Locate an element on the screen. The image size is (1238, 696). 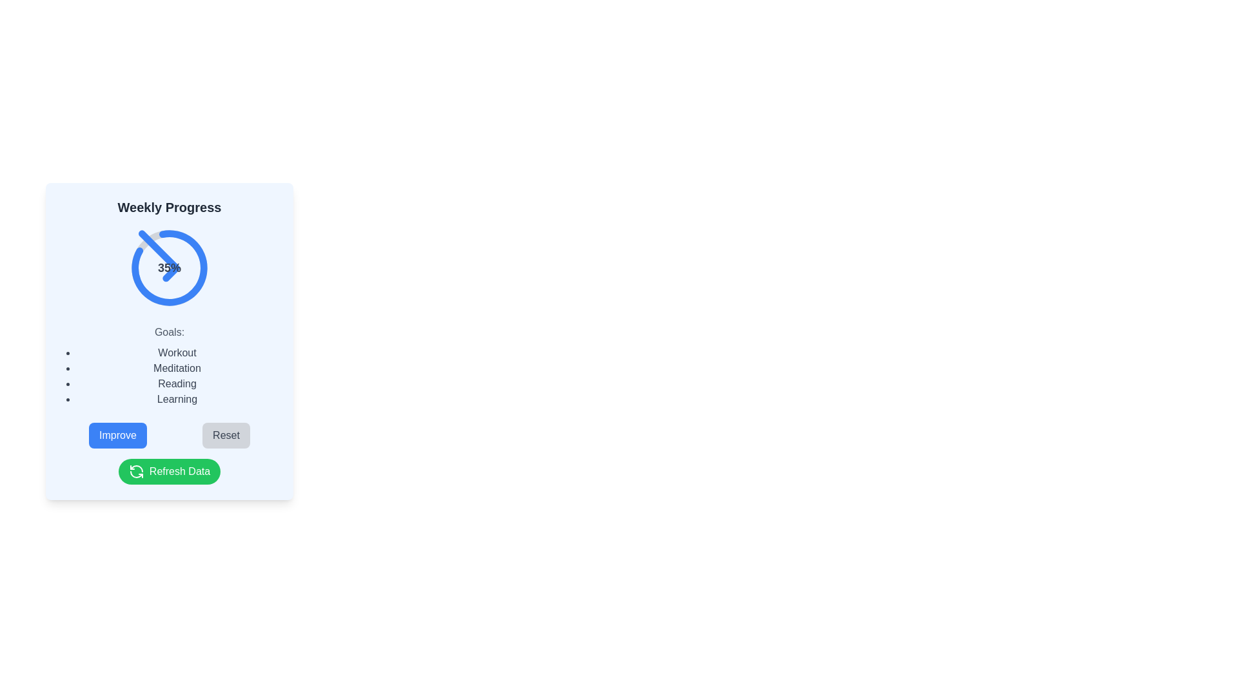
the static text label displaying the progress value within the circular progress indicator of the 'Weekly Progress' card is located at coordinates (169, 267).